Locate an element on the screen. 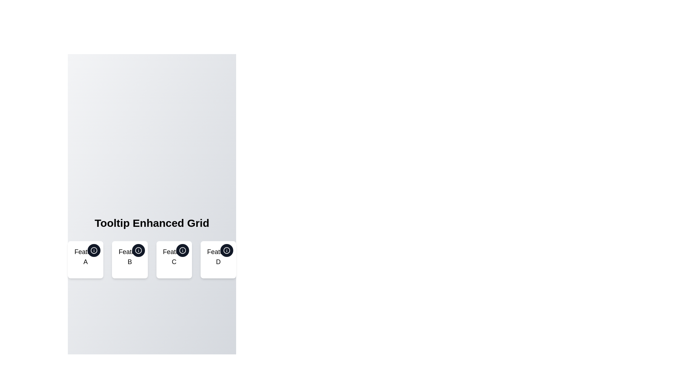 The image size is (689, 387). displayed feature name from the Information card labeled 'Feature A', which is the first card in a grid under the heading 'Tooltip Enhanced Grid' is located at coordinates (85, 260).